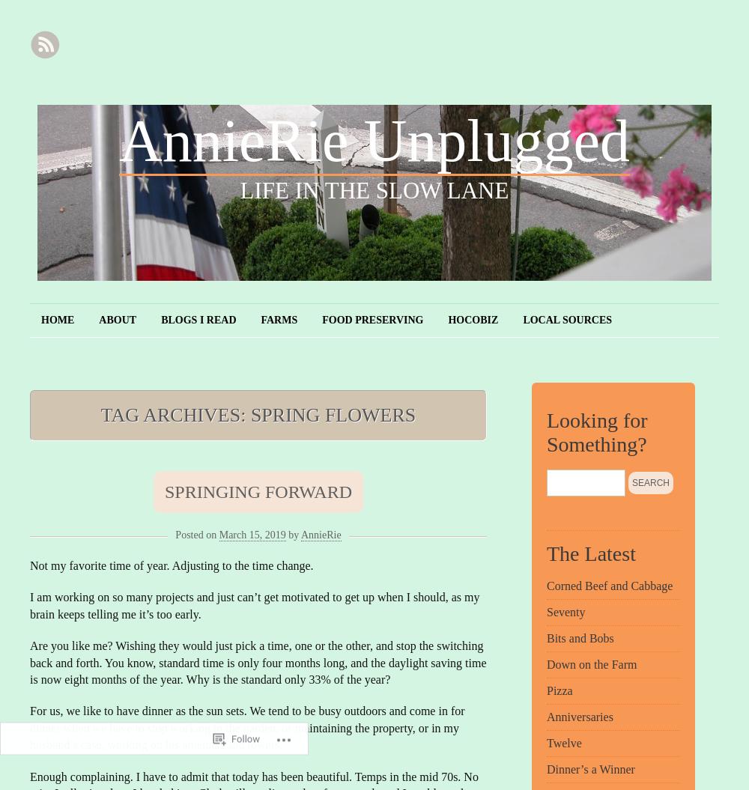  What do you see at coordinates (597, 431) in the screenshot?
I see `'Looking for Something?'` at bounding box center [597, 431].